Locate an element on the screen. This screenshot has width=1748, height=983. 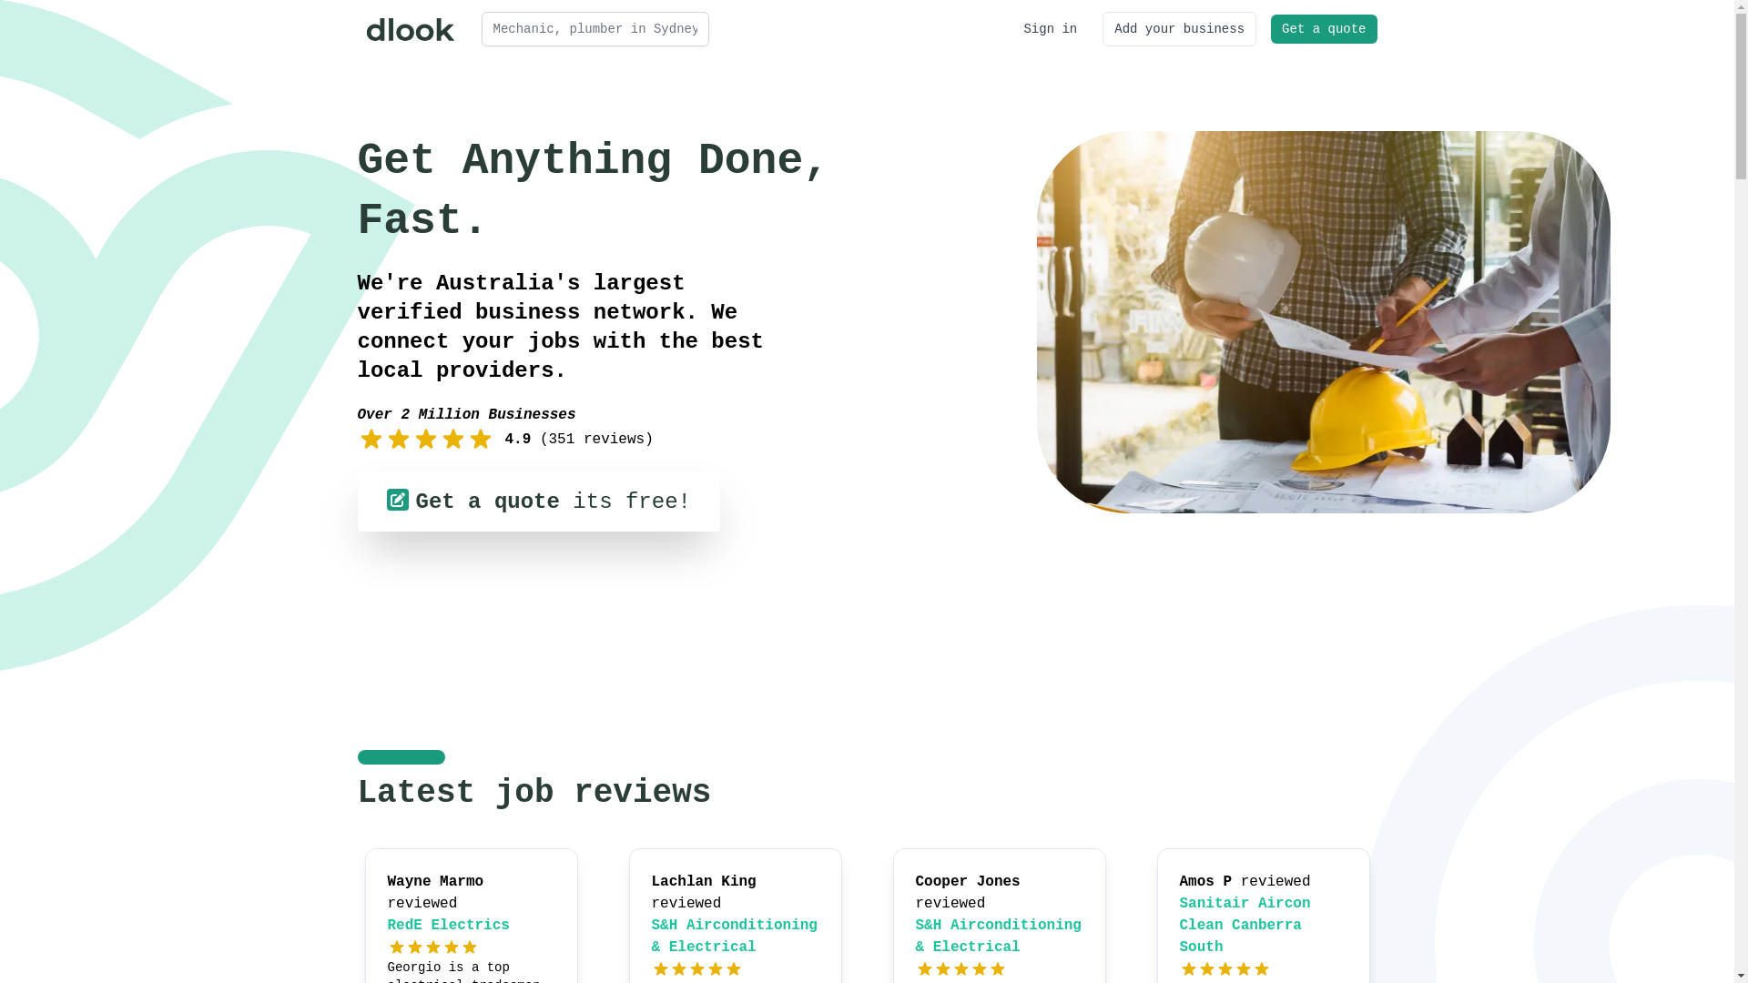
'Get a quote' is located at coordinates (1270, 28).